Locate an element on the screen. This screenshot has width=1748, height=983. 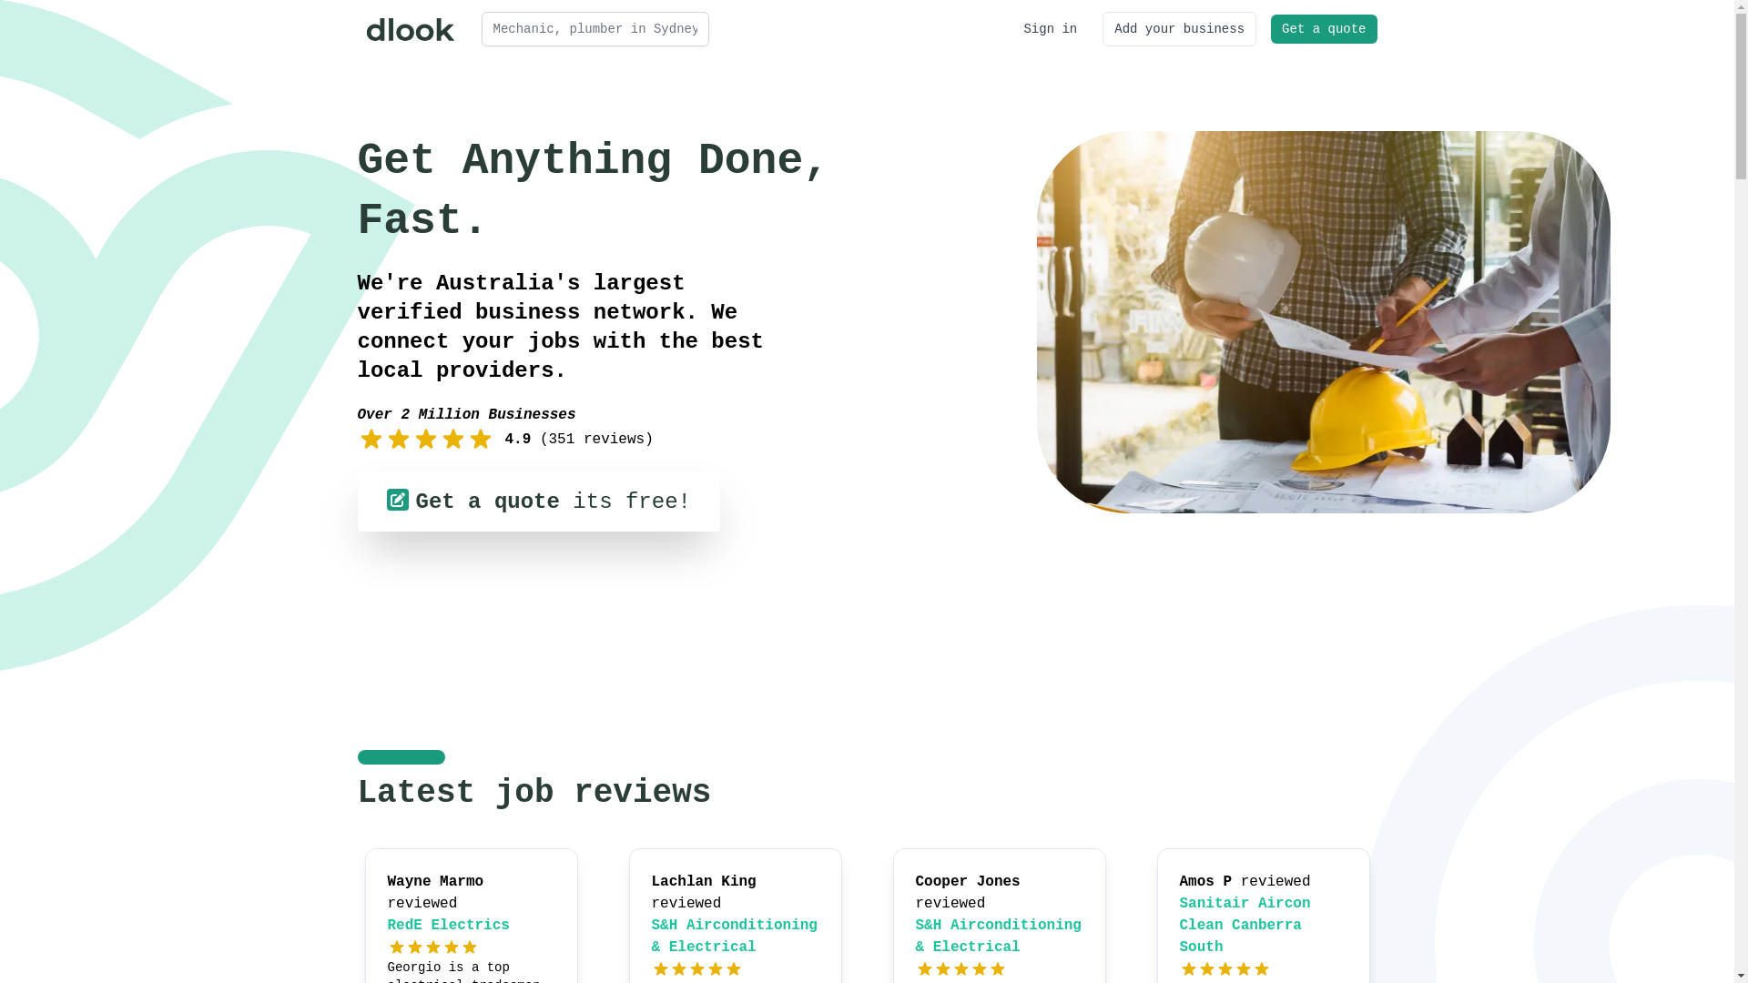
'Get a quote' is located at coordinates (1270, 28).